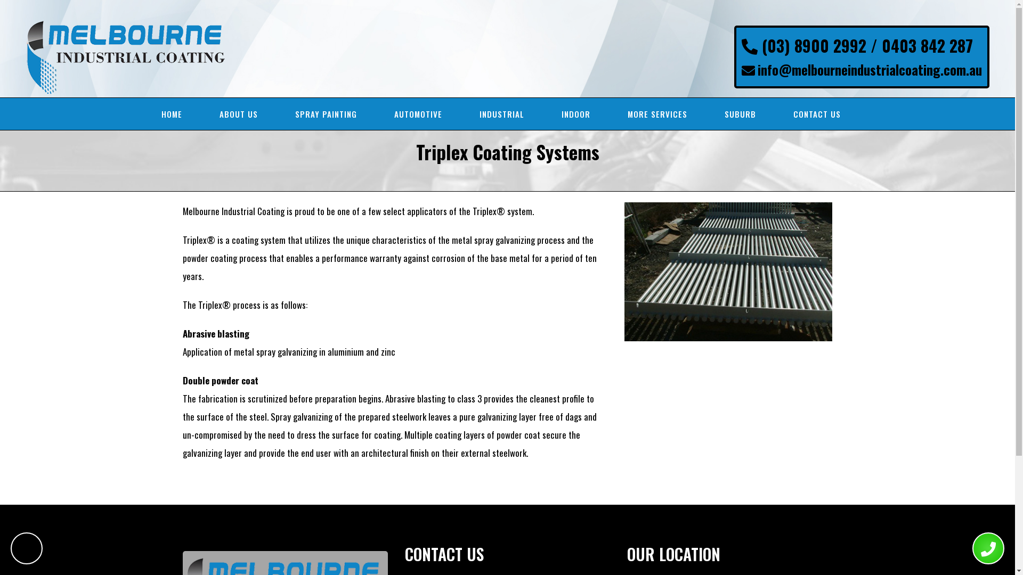 Image resolution: width=1023 pixels, height=575 pixels. Describe the element at coordinates (417, 113) in the screenshot. I see `'AUTOMOTIVE'` at that location.